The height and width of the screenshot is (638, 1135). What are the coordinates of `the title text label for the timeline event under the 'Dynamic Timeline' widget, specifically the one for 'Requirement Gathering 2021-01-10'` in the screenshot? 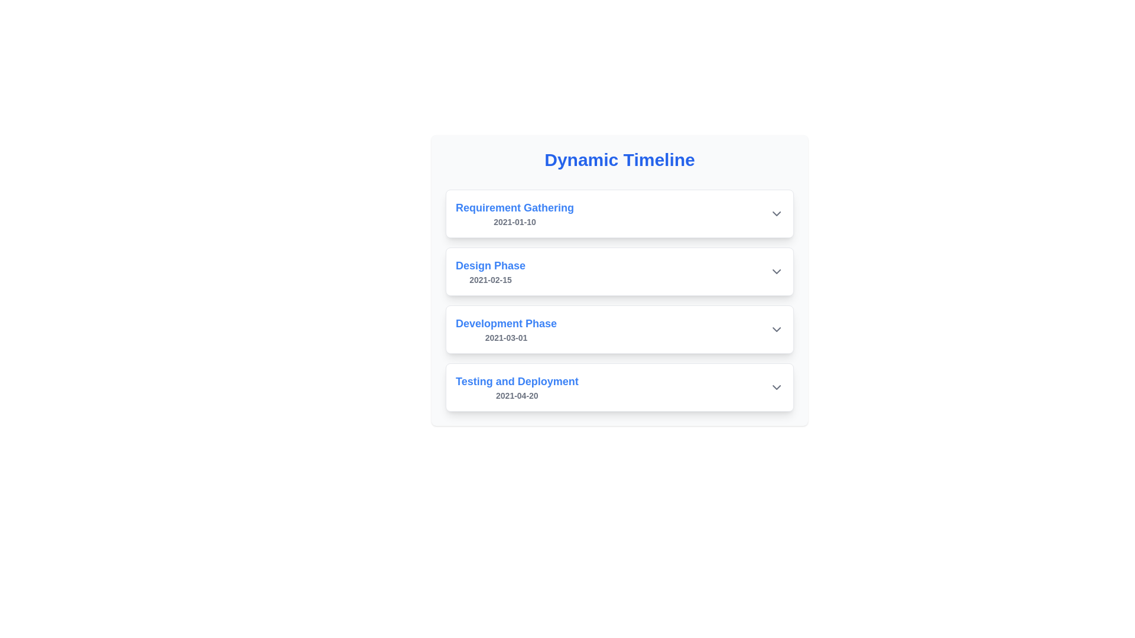 It's located at (515, 207).